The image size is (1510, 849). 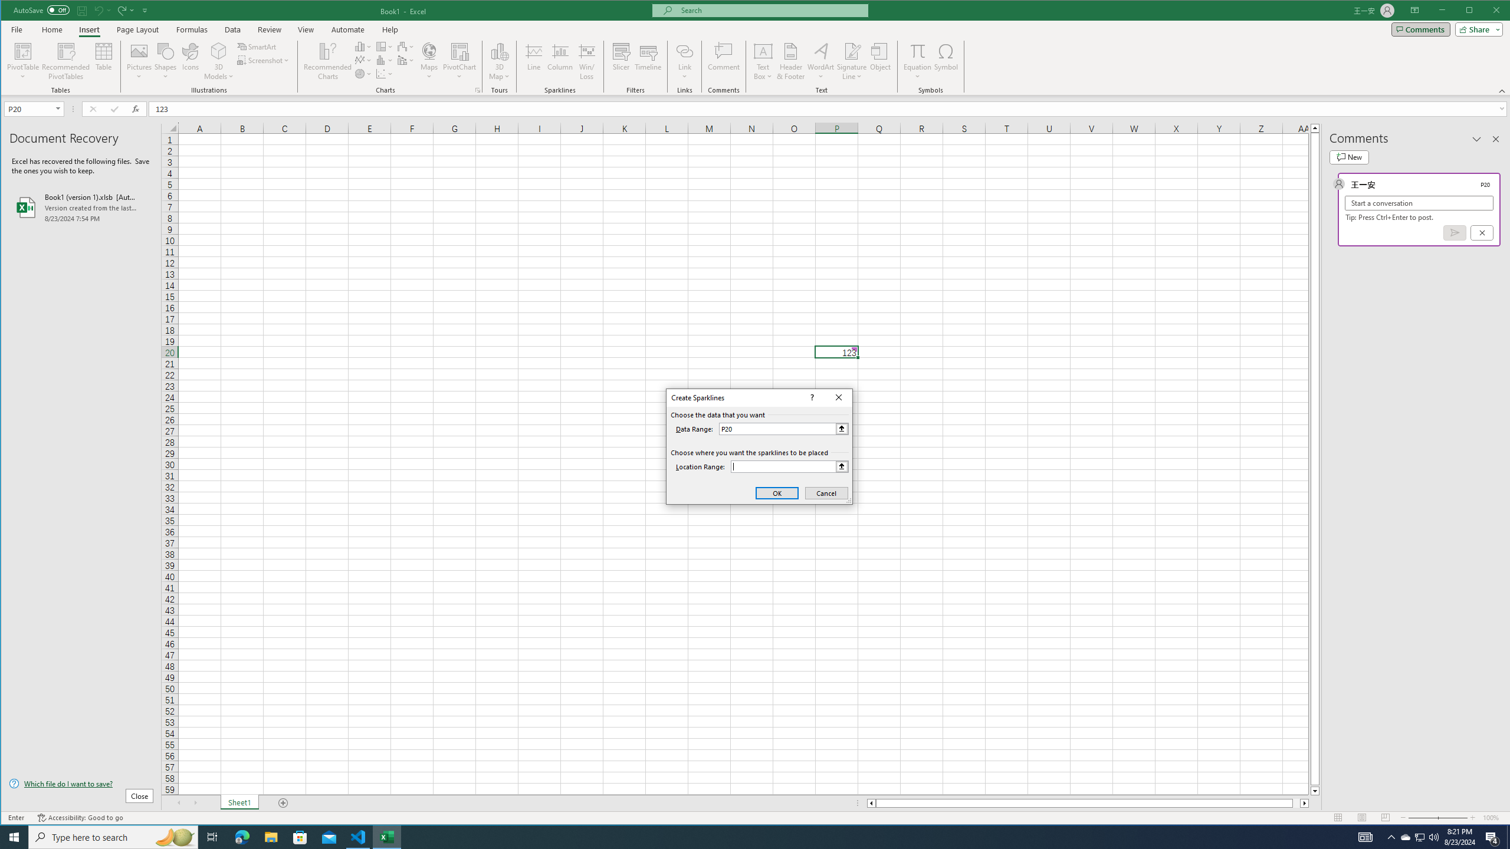 I want to click on 'Insert Pie or Doughnut Chart', so click(x=363, y=74).